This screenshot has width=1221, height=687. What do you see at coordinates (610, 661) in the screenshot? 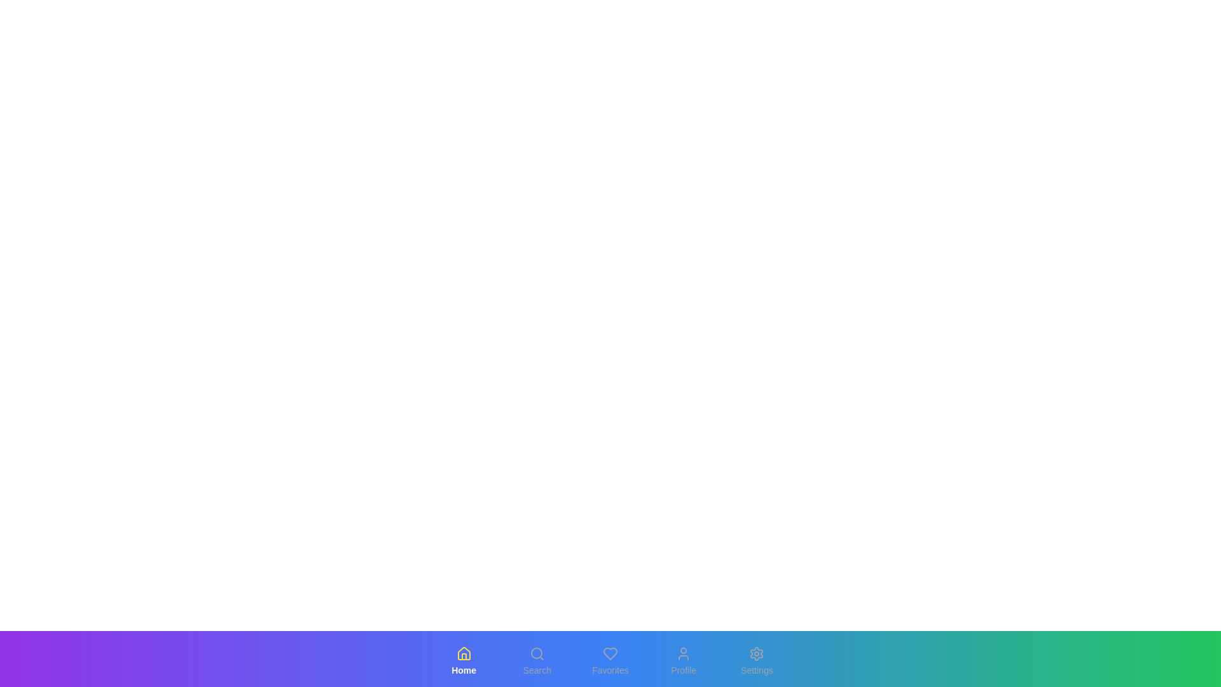
I see `the tab corresponding to Favorites` at bounding box center [610, 661].